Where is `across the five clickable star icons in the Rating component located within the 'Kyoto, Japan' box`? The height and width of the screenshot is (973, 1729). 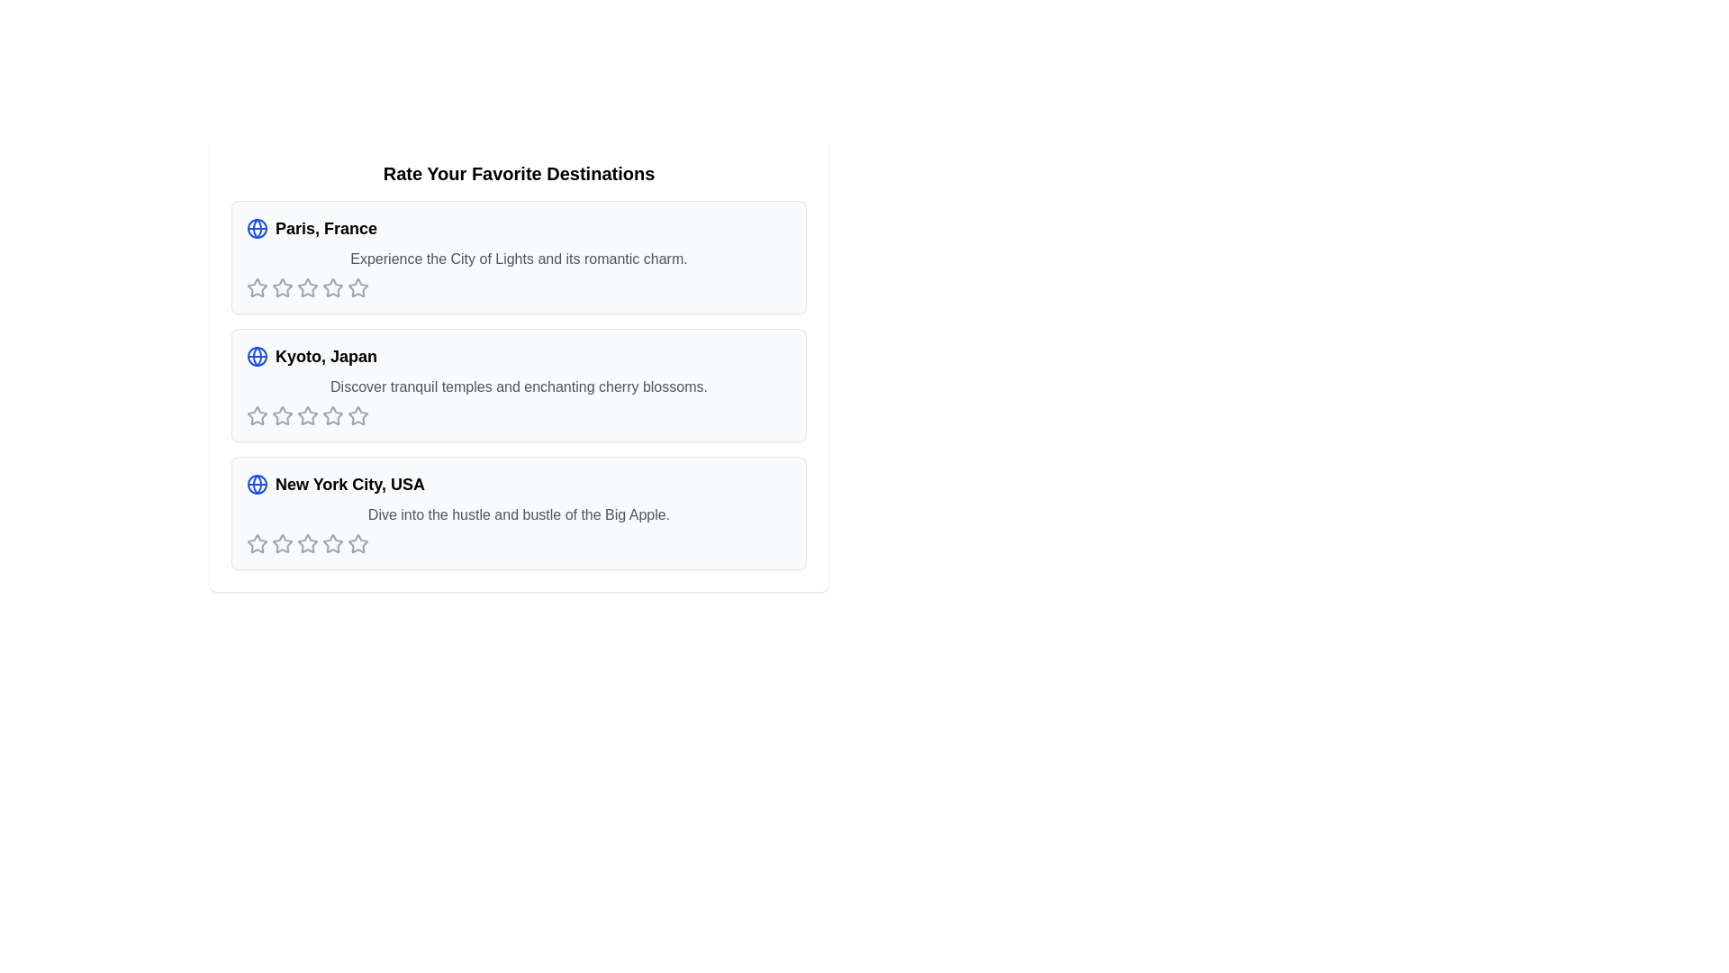
across the five clickable star icons in the Rating component located within the 'Kyoto, Japan' box is located at coordinates (518, 416).